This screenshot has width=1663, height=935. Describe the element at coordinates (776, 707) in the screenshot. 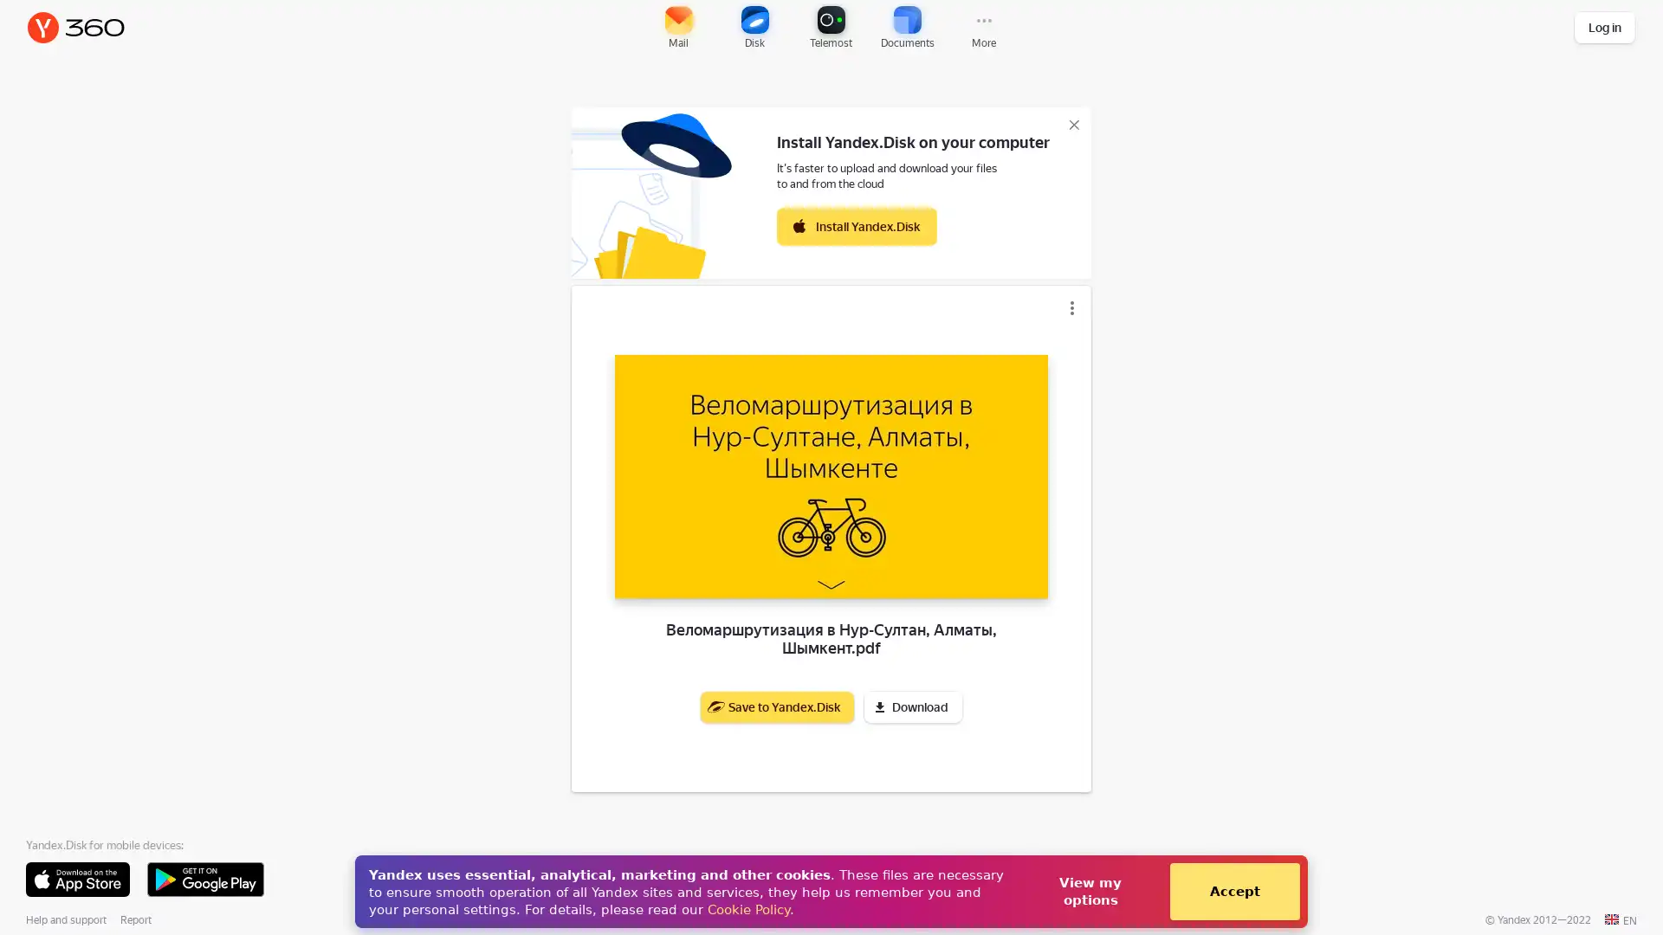

I see `Save to Yandex.Disk` at that location.